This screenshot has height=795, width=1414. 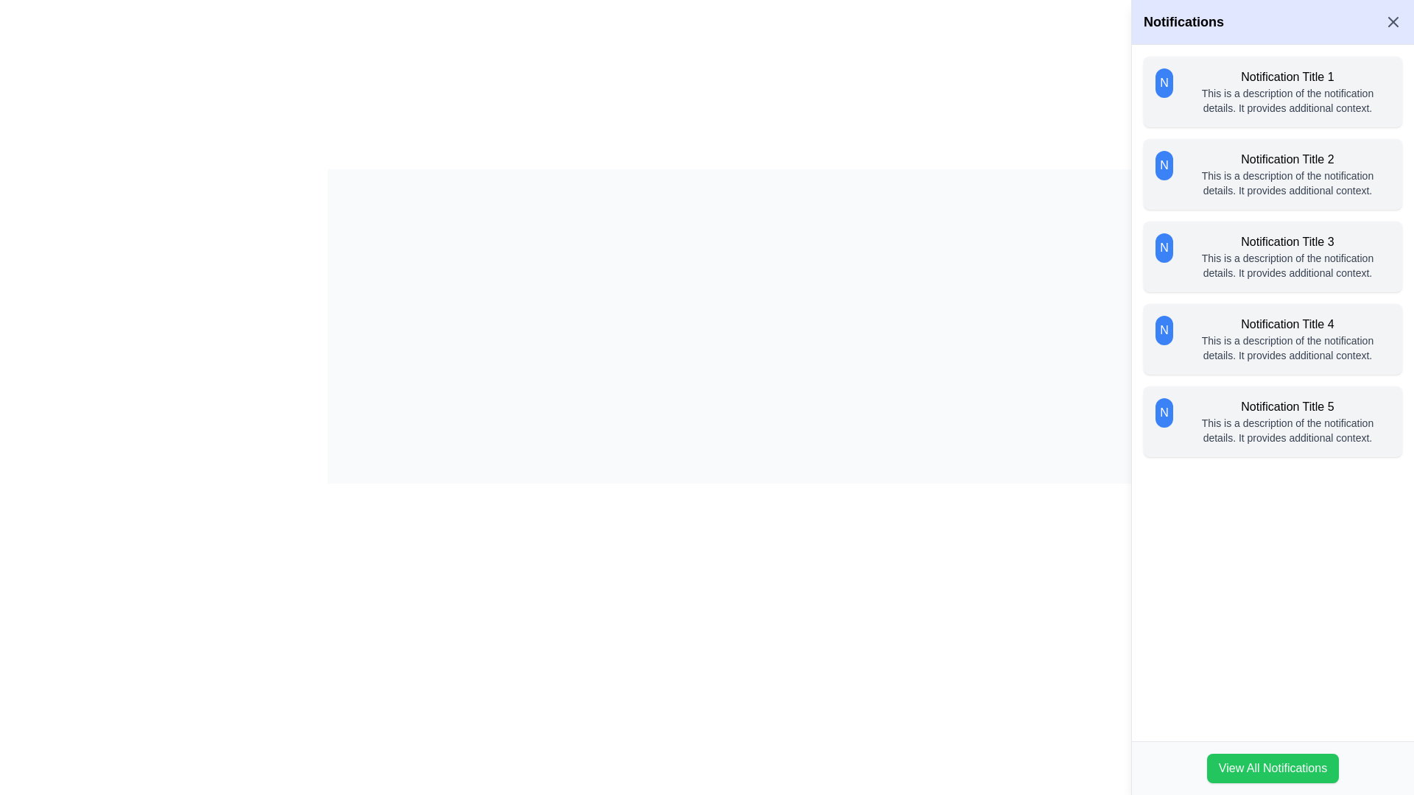 I want to click on the text label displaying 'Notification Title 2' in the second notification item of the right-hand panel, so click(x=1287, y=159).